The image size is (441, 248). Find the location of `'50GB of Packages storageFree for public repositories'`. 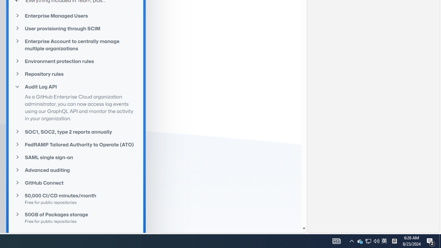

'50GB of Packages storageFree for public repositories' is located at coordinates (76, 217).